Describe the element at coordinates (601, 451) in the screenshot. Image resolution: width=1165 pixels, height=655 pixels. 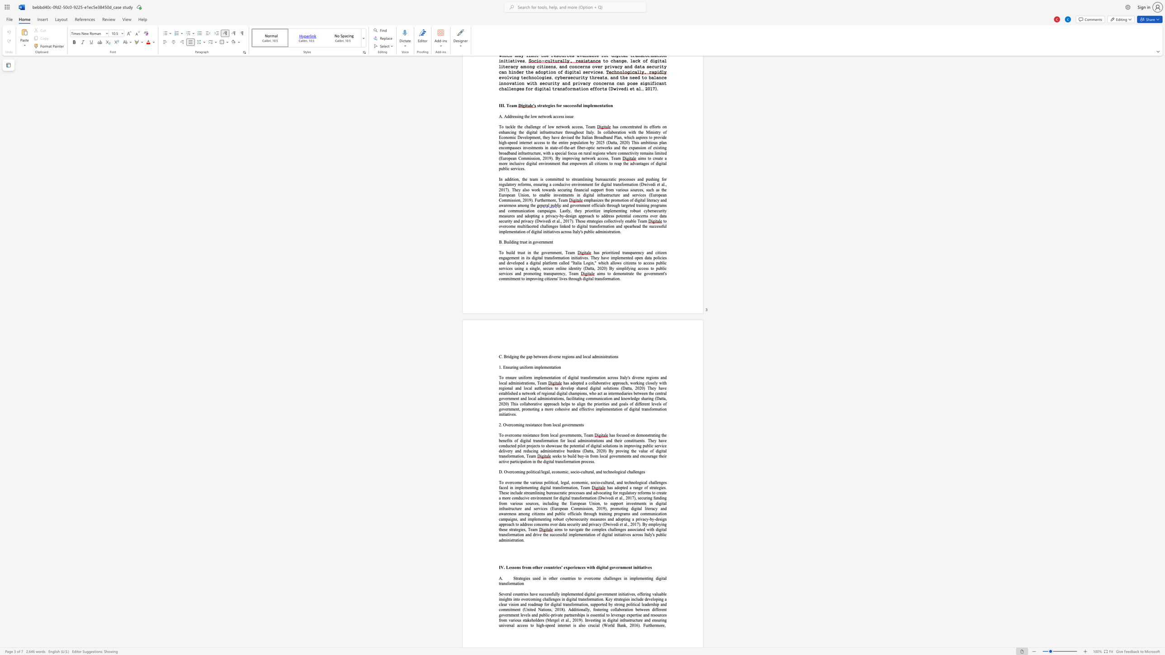
I see `the 2th character "2" in the text` at that location.